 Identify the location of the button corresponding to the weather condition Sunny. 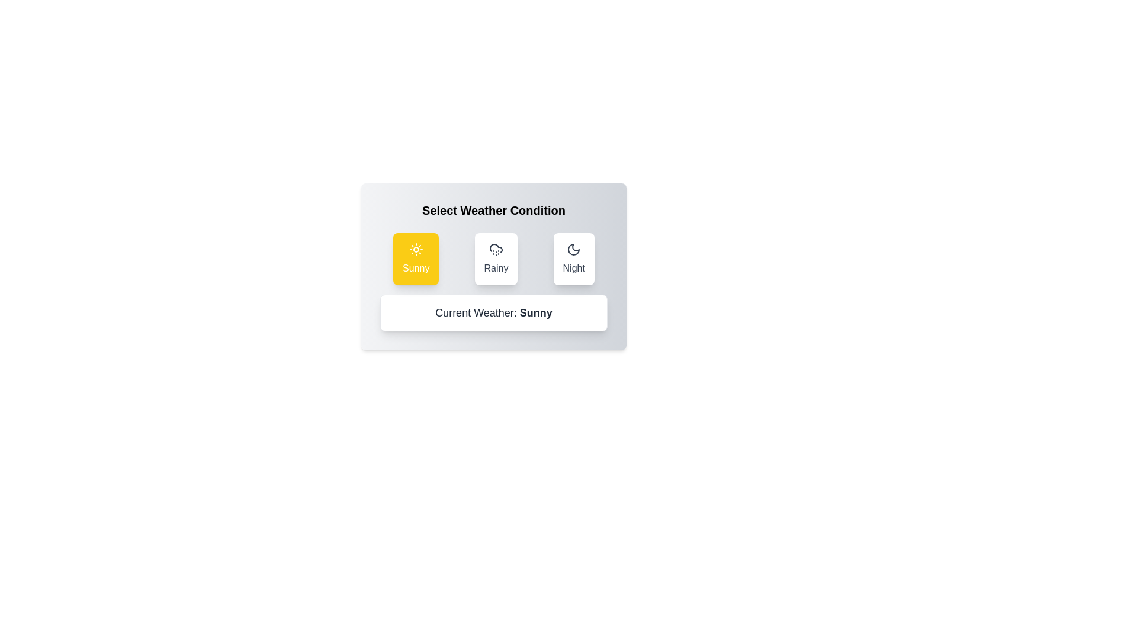
(415, 259).